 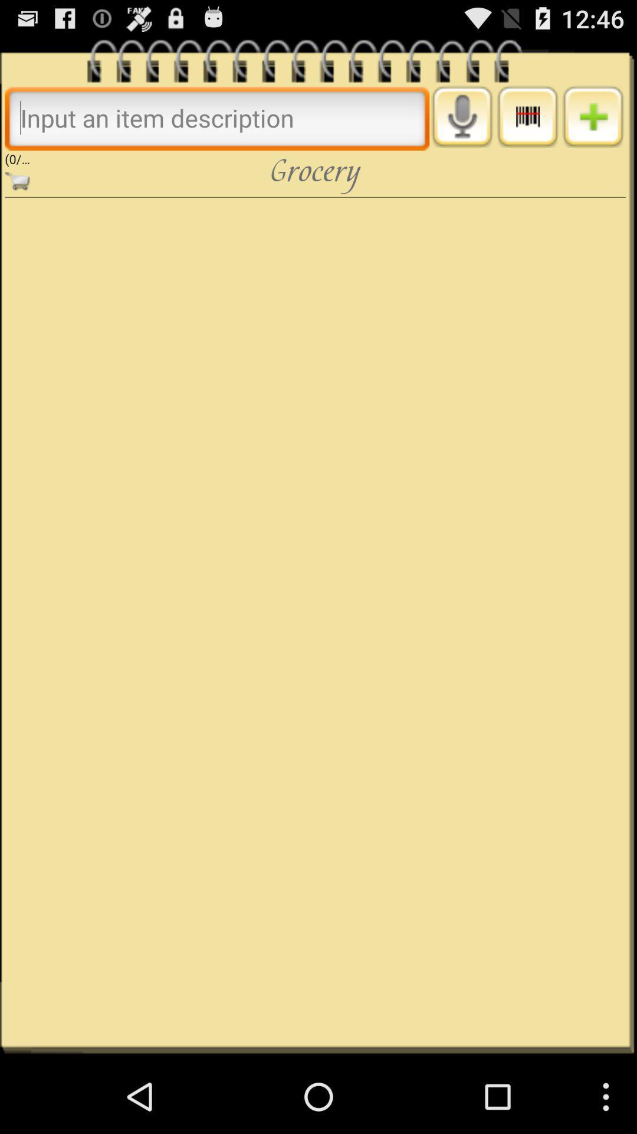 What do you see at coordinates (217, 118) in the screenshot?
I see `put in word to search` at bounding box center [217, 118].